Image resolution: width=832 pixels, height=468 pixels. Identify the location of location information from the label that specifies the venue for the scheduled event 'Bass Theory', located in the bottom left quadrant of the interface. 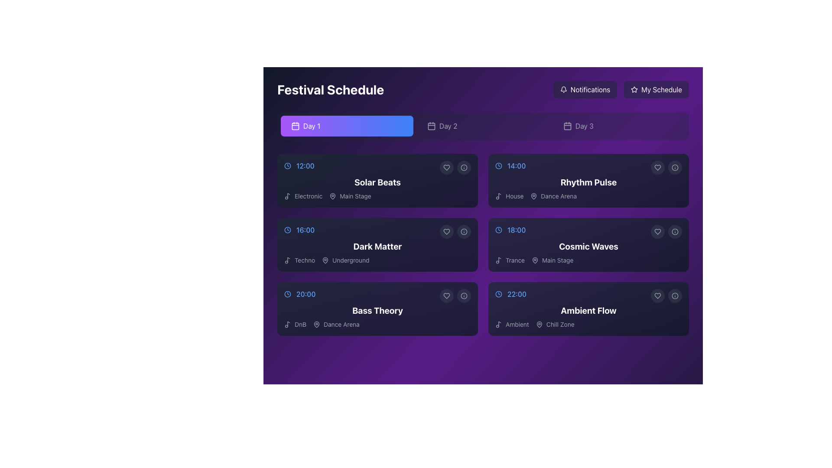
(336, 324).